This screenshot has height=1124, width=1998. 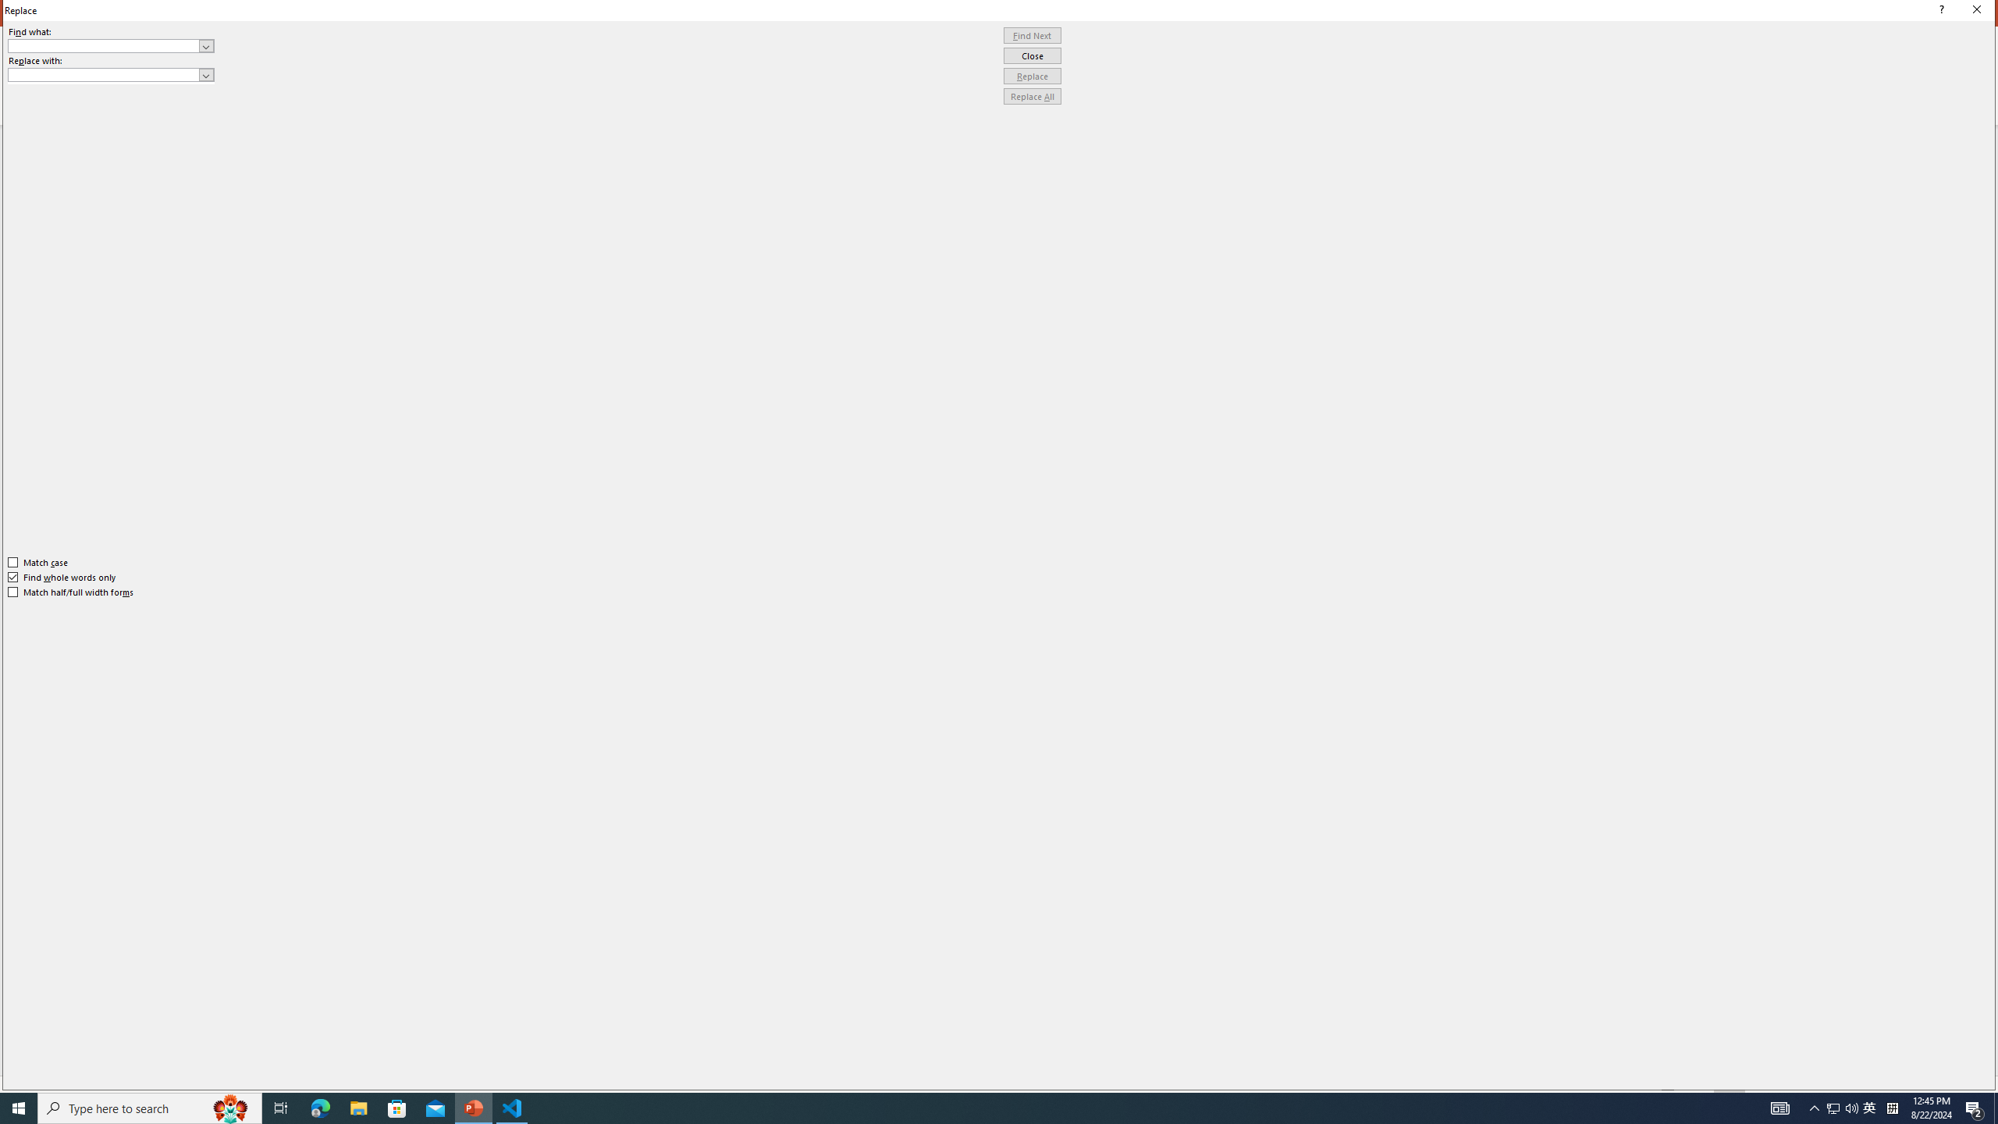 What do you see at coordinates (111, 45) in the screenshot?
I see `'Find what'` at bounding box center [111, 45].